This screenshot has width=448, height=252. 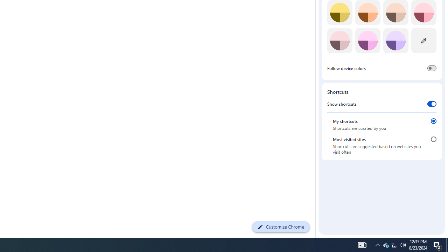 I want to click on 'Apricot', so click(x=395, y=13).